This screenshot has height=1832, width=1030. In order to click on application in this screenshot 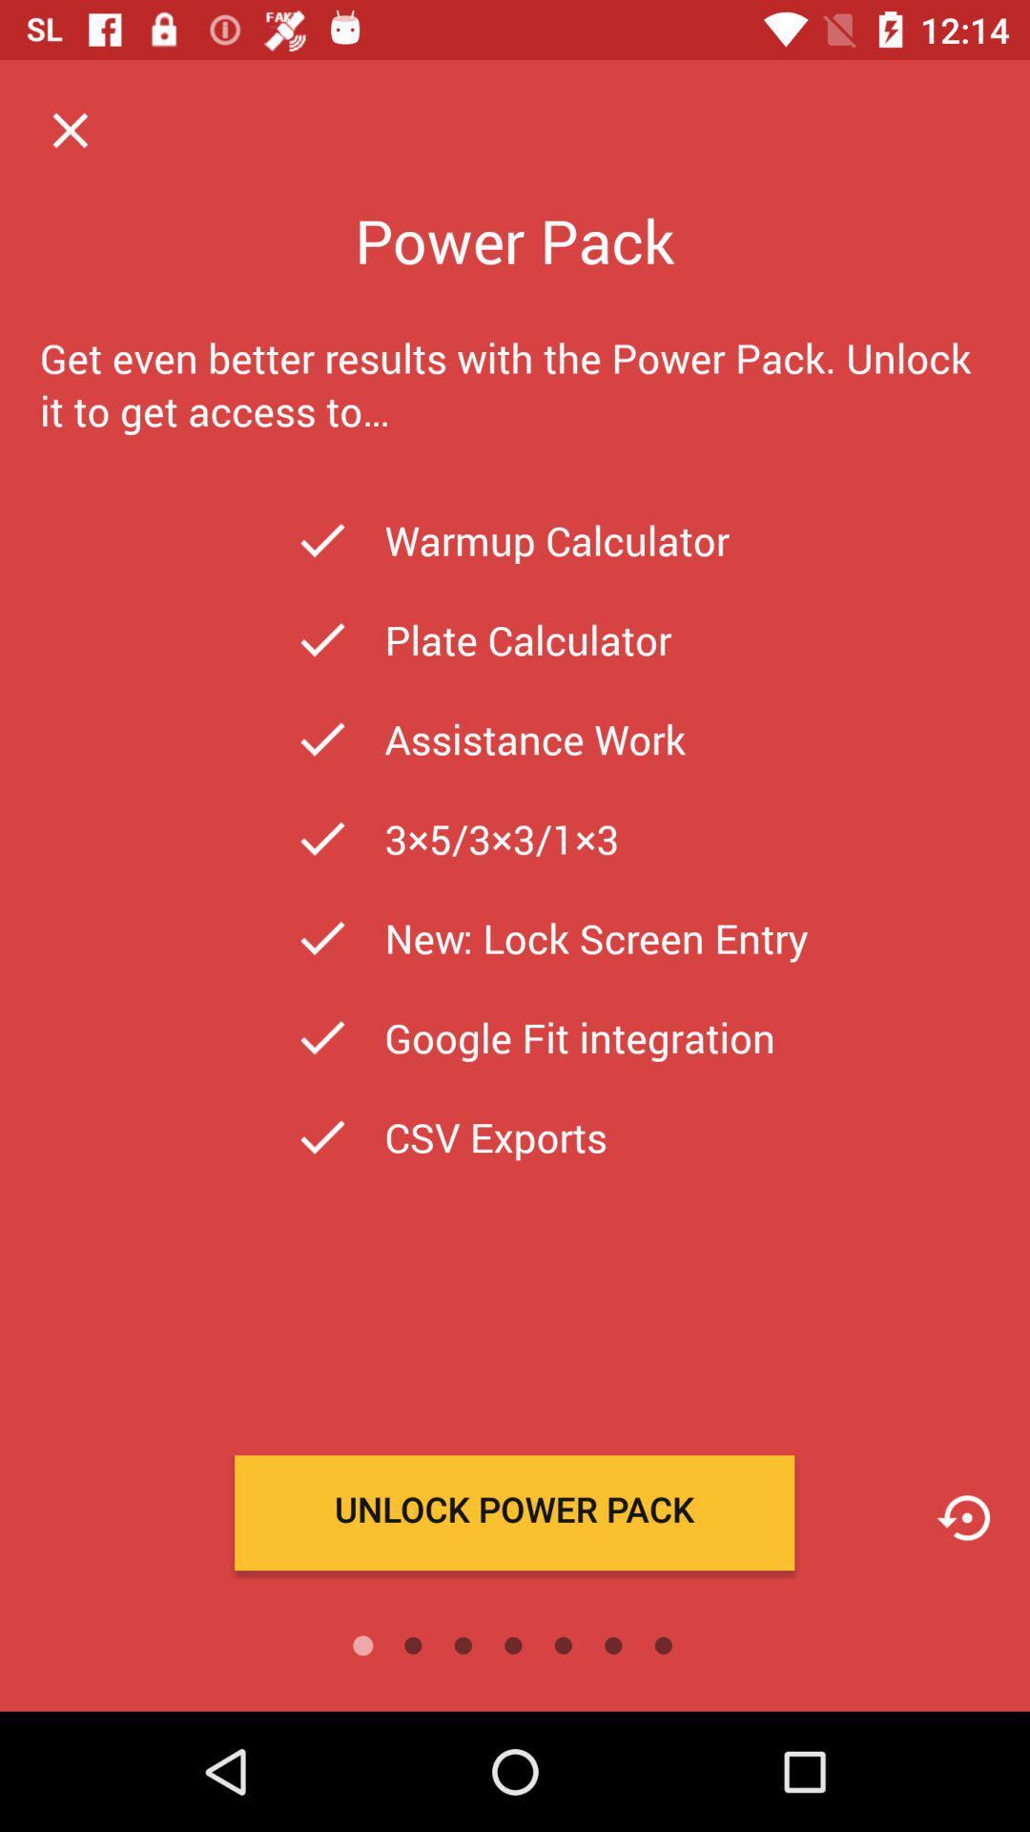, I will do `click(69, 129)`.